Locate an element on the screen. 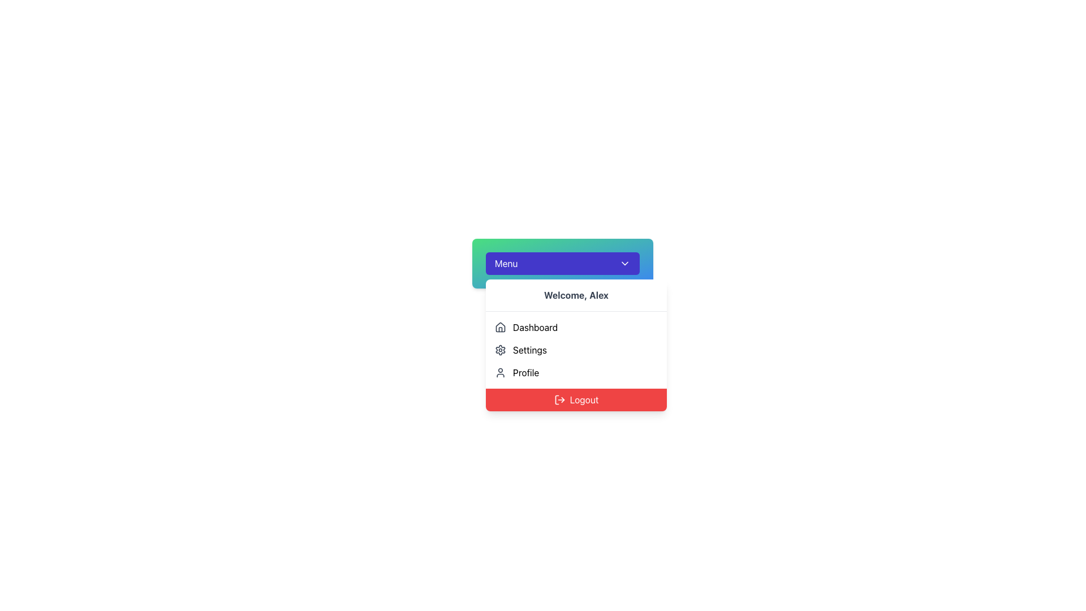 Image resolution: width=1086 pixels, height=611 pixels. the downward-facing chevron icon inside the blue 'Menu' button is located at coordinates (624, 264).